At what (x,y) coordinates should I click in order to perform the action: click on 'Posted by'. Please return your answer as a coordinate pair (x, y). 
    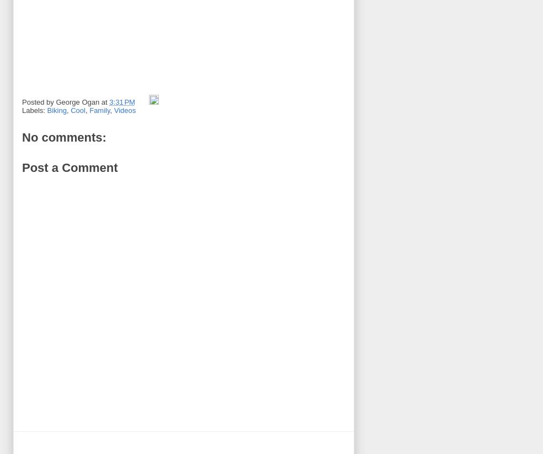
    Looking at the image, I should click on (38, 101).